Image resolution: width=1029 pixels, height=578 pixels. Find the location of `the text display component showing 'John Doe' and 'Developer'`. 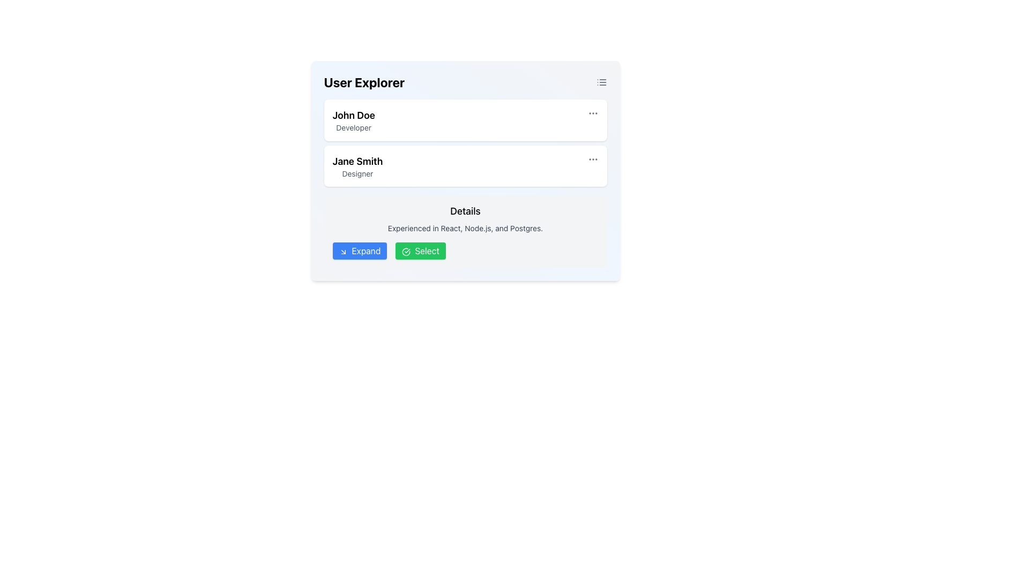

the text display component showing 'John Doe' and 'Developer' is located at coordinates (354, 120).